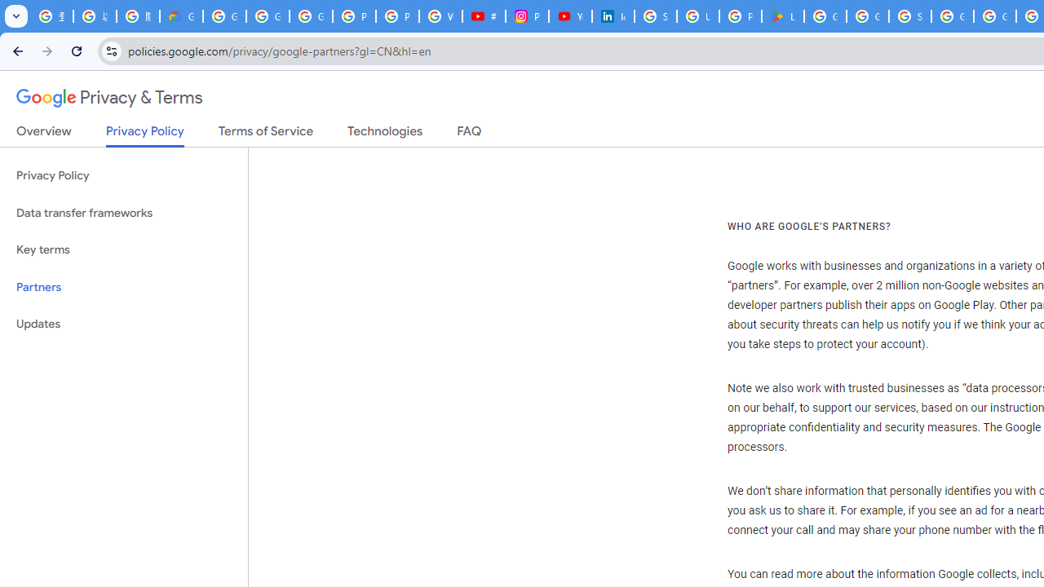 The height and width of the screenshot is (587, 1044). Describe the element at coordinates (266, 134) in the screenshot. I see `'Terms of Service'` at that location.